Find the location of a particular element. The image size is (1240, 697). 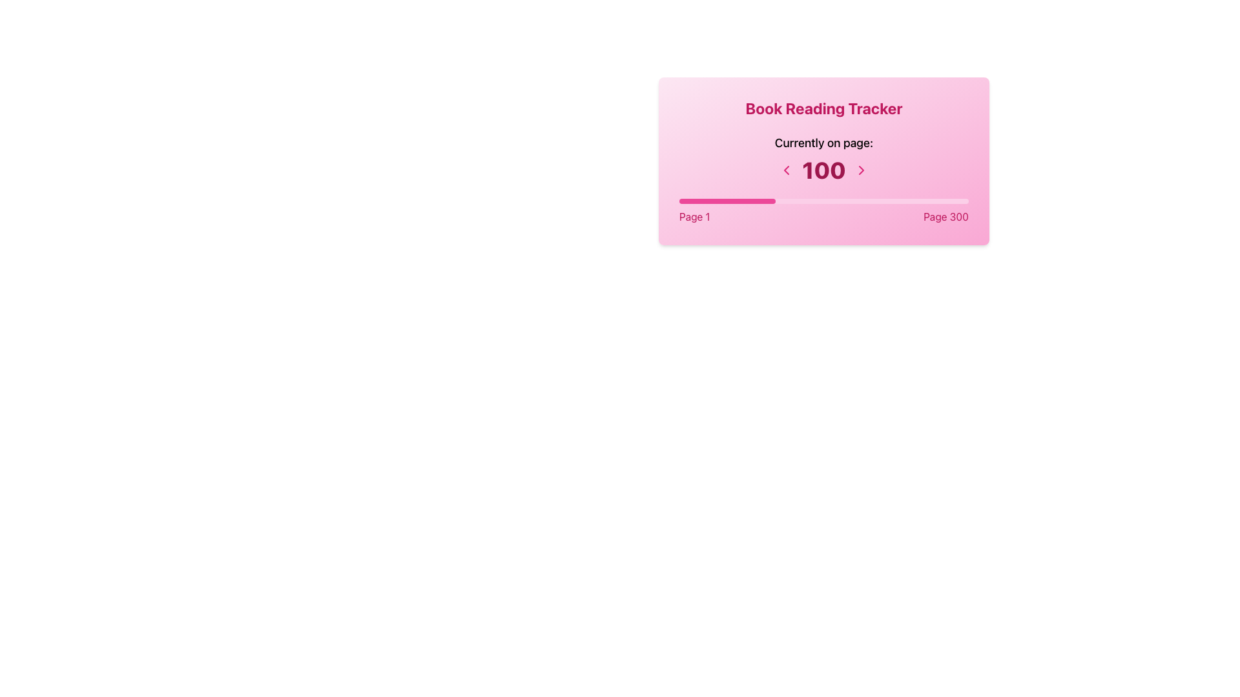

text label indicating the current page in the paginated navigation context, which is positioned above the number '100' and navigation arrows is located at coordinates (823, 143).